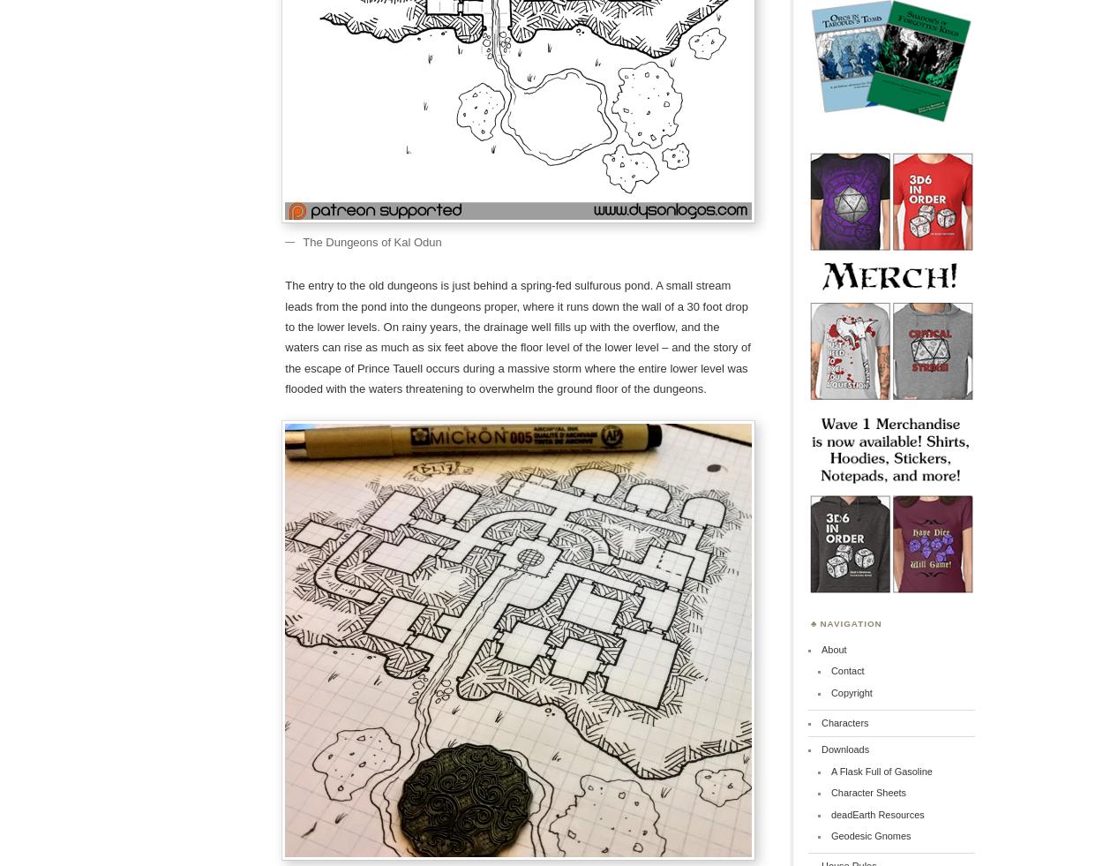 Image resolution: width=1103 pixels, height=866 pixels. I want to click on 'The Dungeons of Kal Odun', so click(371, 240).